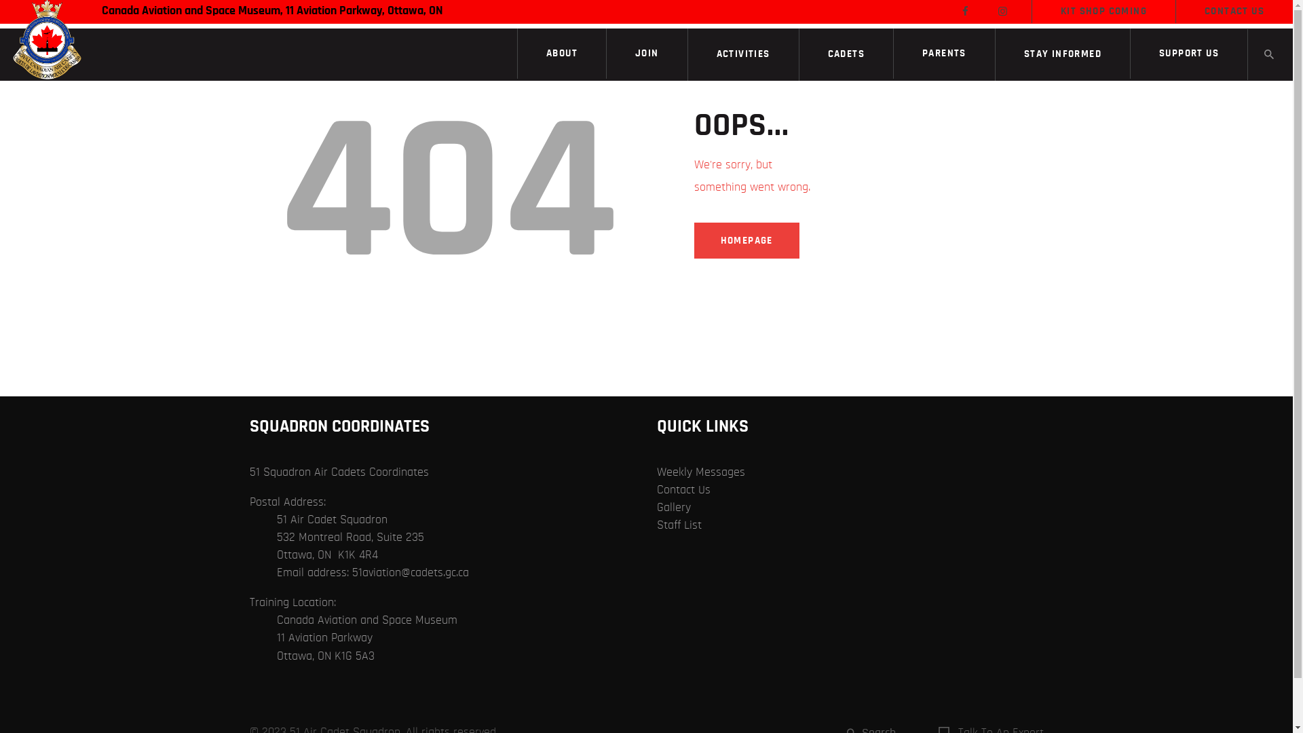  I want to click on 'Gallery', so click(674, 508).